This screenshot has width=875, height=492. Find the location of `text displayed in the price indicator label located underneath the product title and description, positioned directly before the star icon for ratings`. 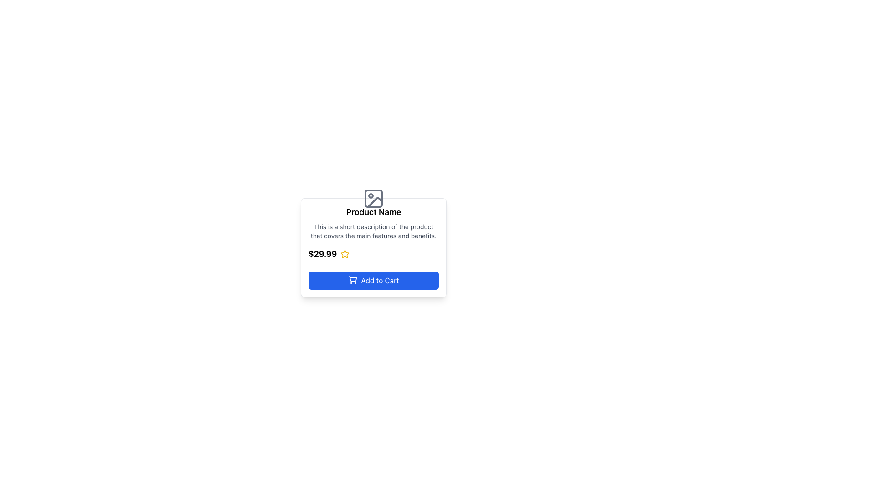

text displayed in the price indicator label located underneath the product title and description, positioned directly before the star icon for ratings is located at coordinates (323, 254).